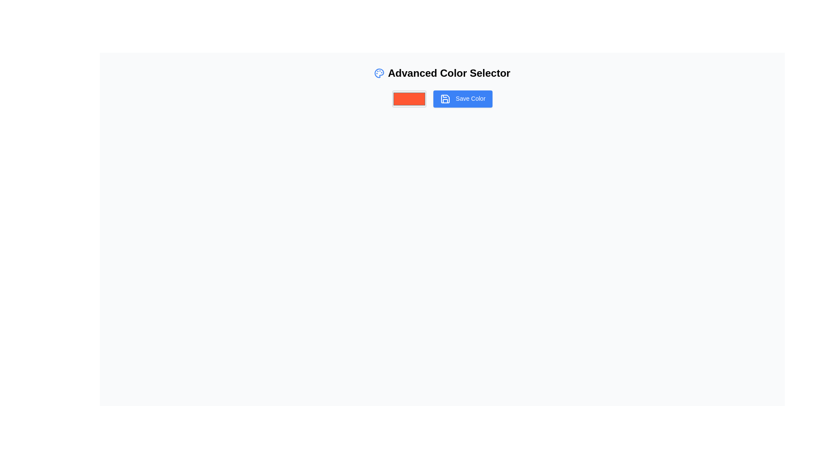  Describe the element at coordinates (445, 99) in the screenshot. I see `the floppy disk icon within the 'Save Color' blue button` at that location.